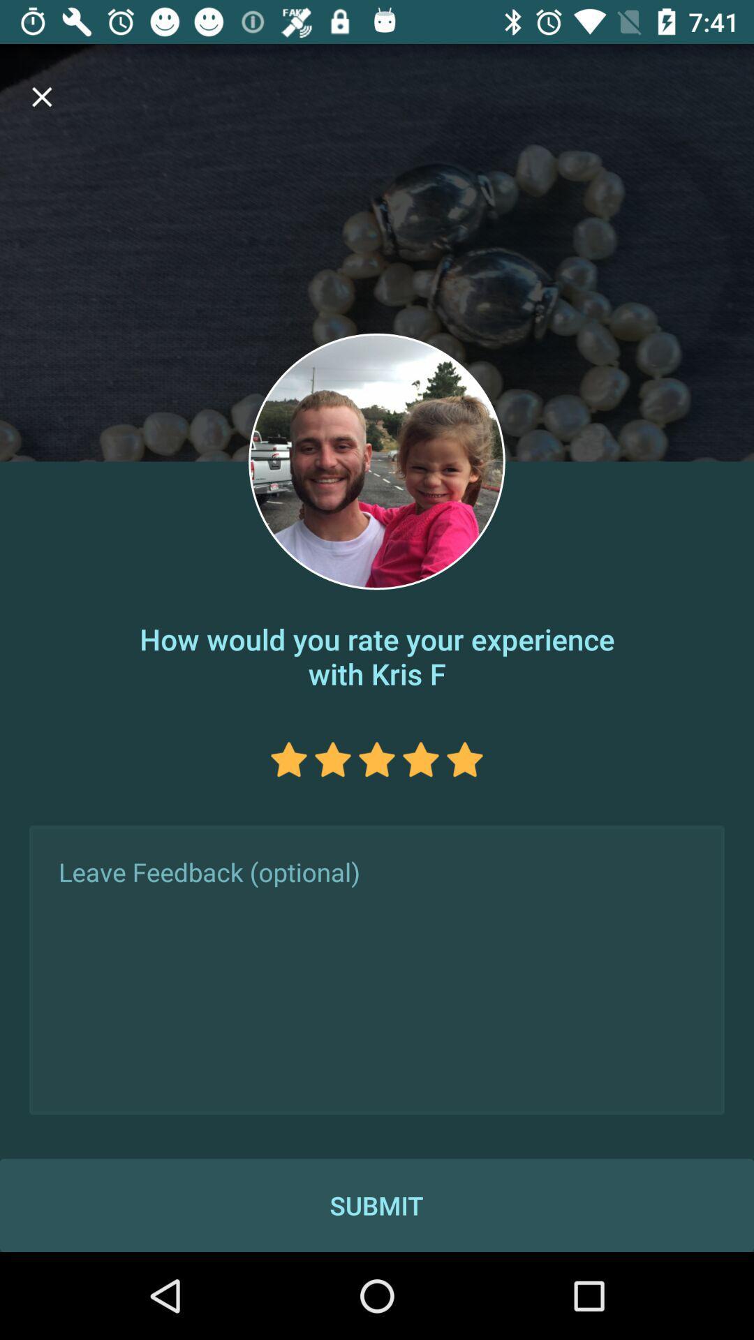  What do you see at coordinates (288, 759) in the screenshot?
I see `rate the star` at bounding box center [288, 759].